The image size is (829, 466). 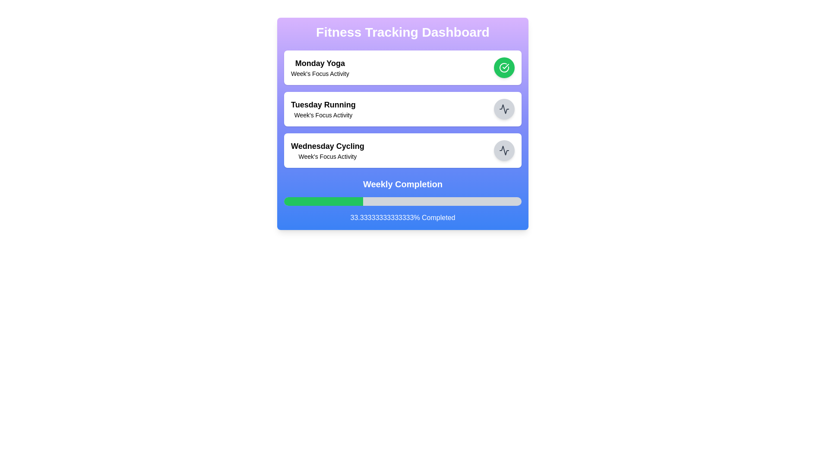 What do you see at coordinates (402, 184) in the screenshot?
I see `the header text label that indicates the progress tracking section to read its content` at bounding box center [402, 184].